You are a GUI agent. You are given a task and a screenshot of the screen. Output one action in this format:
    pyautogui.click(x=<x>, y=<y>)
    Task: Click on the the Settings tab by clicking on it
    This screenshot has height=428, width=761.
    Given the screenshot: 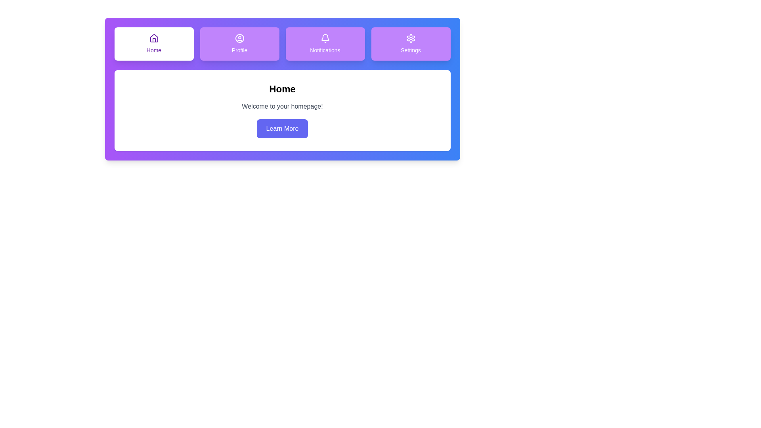 What is the action you would take?
    pyautogui.click(x=411, y=44)
    